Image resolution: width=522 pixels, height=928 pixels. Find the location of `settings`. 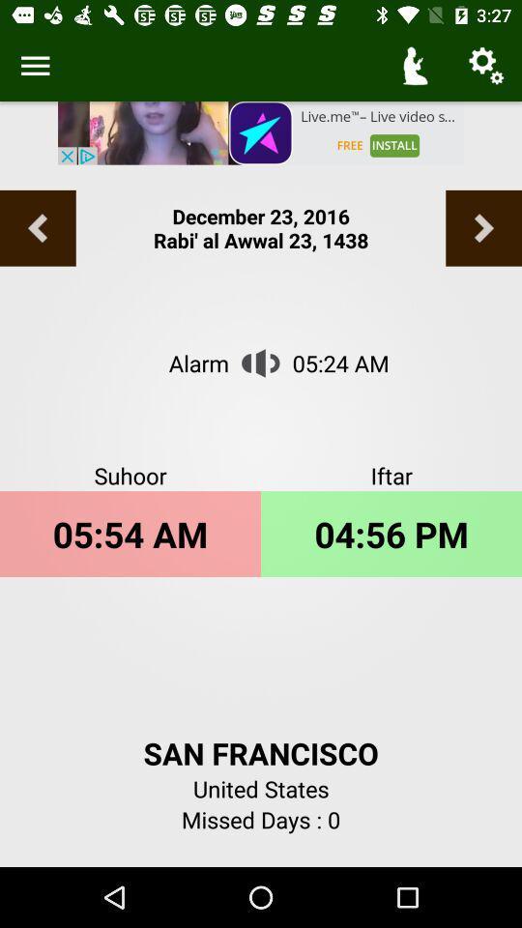

settings is located at coordinates (35, 66).